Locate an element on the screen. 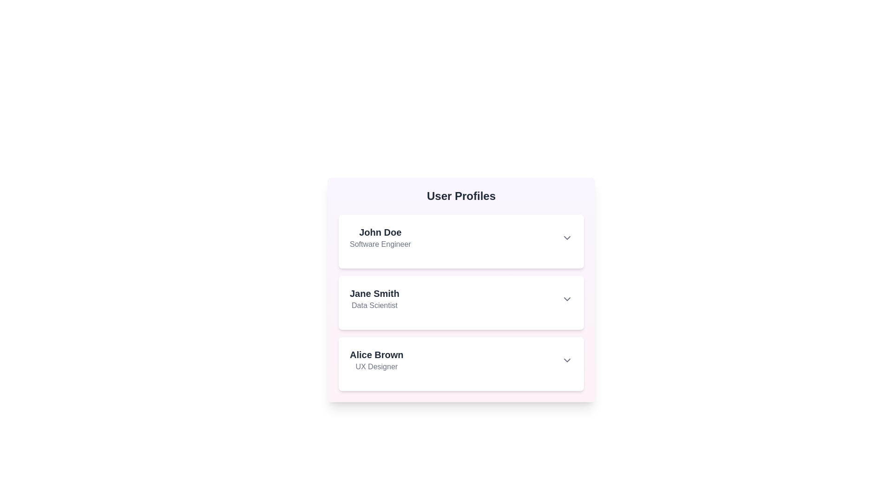  toggle button for the user profile Alice Brown is located at coordinates (566, 360).